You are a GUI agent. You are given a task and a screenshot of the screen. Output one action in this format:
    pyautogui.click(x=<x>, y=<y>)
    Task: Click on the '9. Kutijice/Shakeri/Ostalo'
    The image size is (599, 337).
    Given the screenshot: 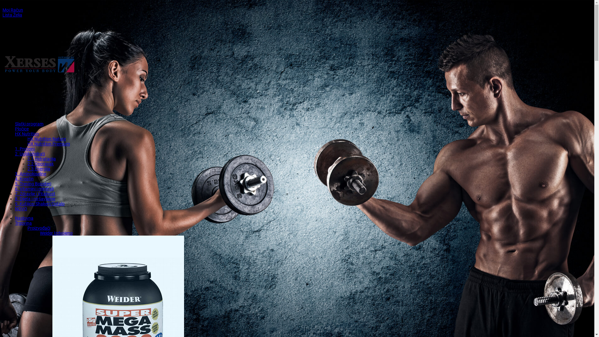 What is the action you would take?
    pyautogui.click(x=39, y=203)
    